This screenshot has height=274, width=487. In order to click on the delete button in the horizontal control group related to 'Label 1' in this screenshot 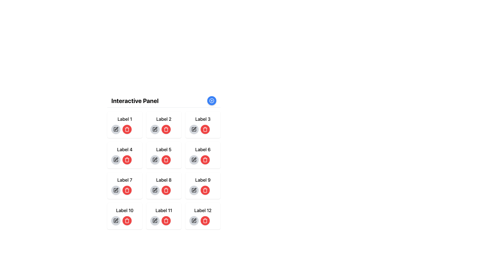, I will do `click(125, 129)`.